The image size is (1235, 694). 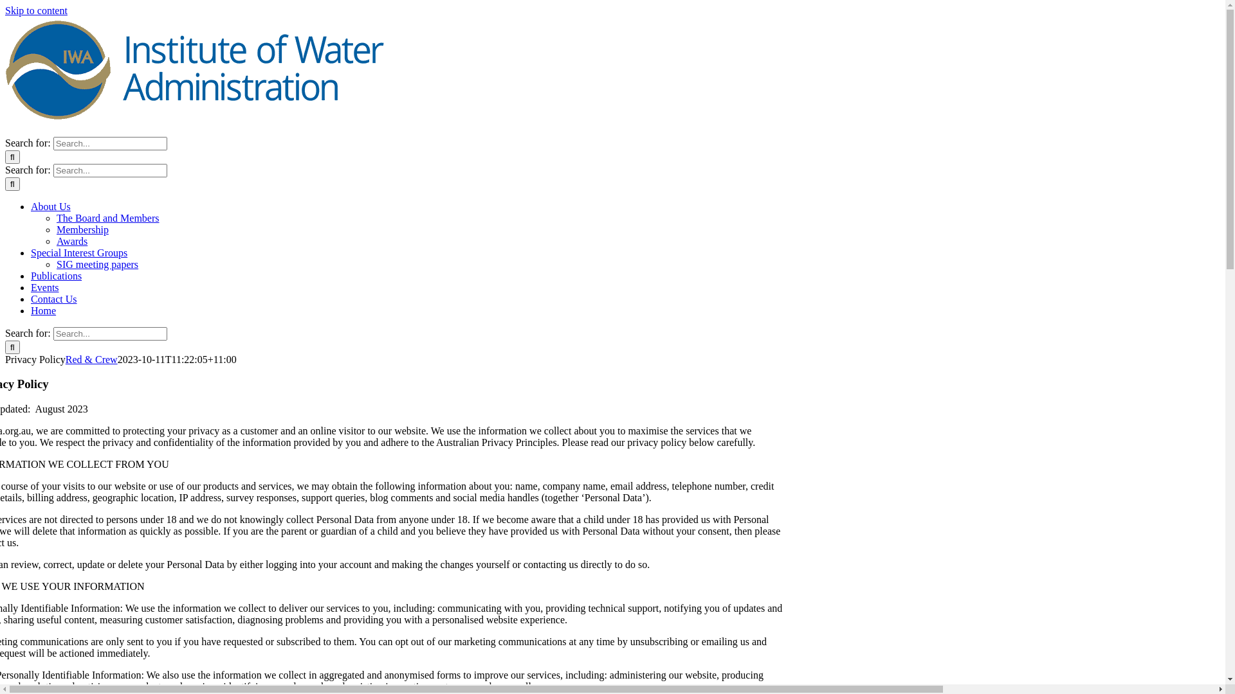 What do you see at coordinates (31, 310) in the screenshot?
I see `'Home'` at bounding box center [31, 310].